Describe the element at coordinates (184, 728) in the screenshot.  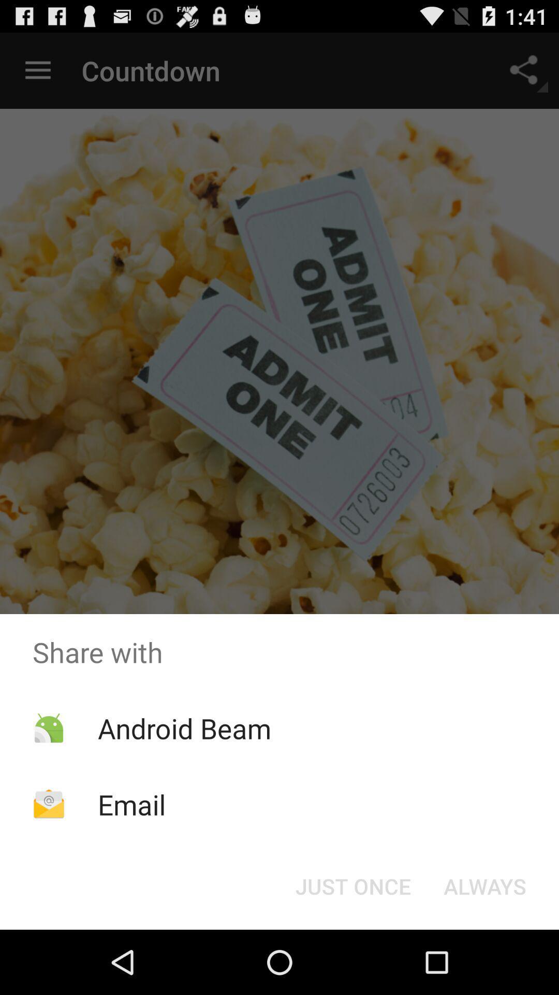
I see `app below the share with app` at that location.